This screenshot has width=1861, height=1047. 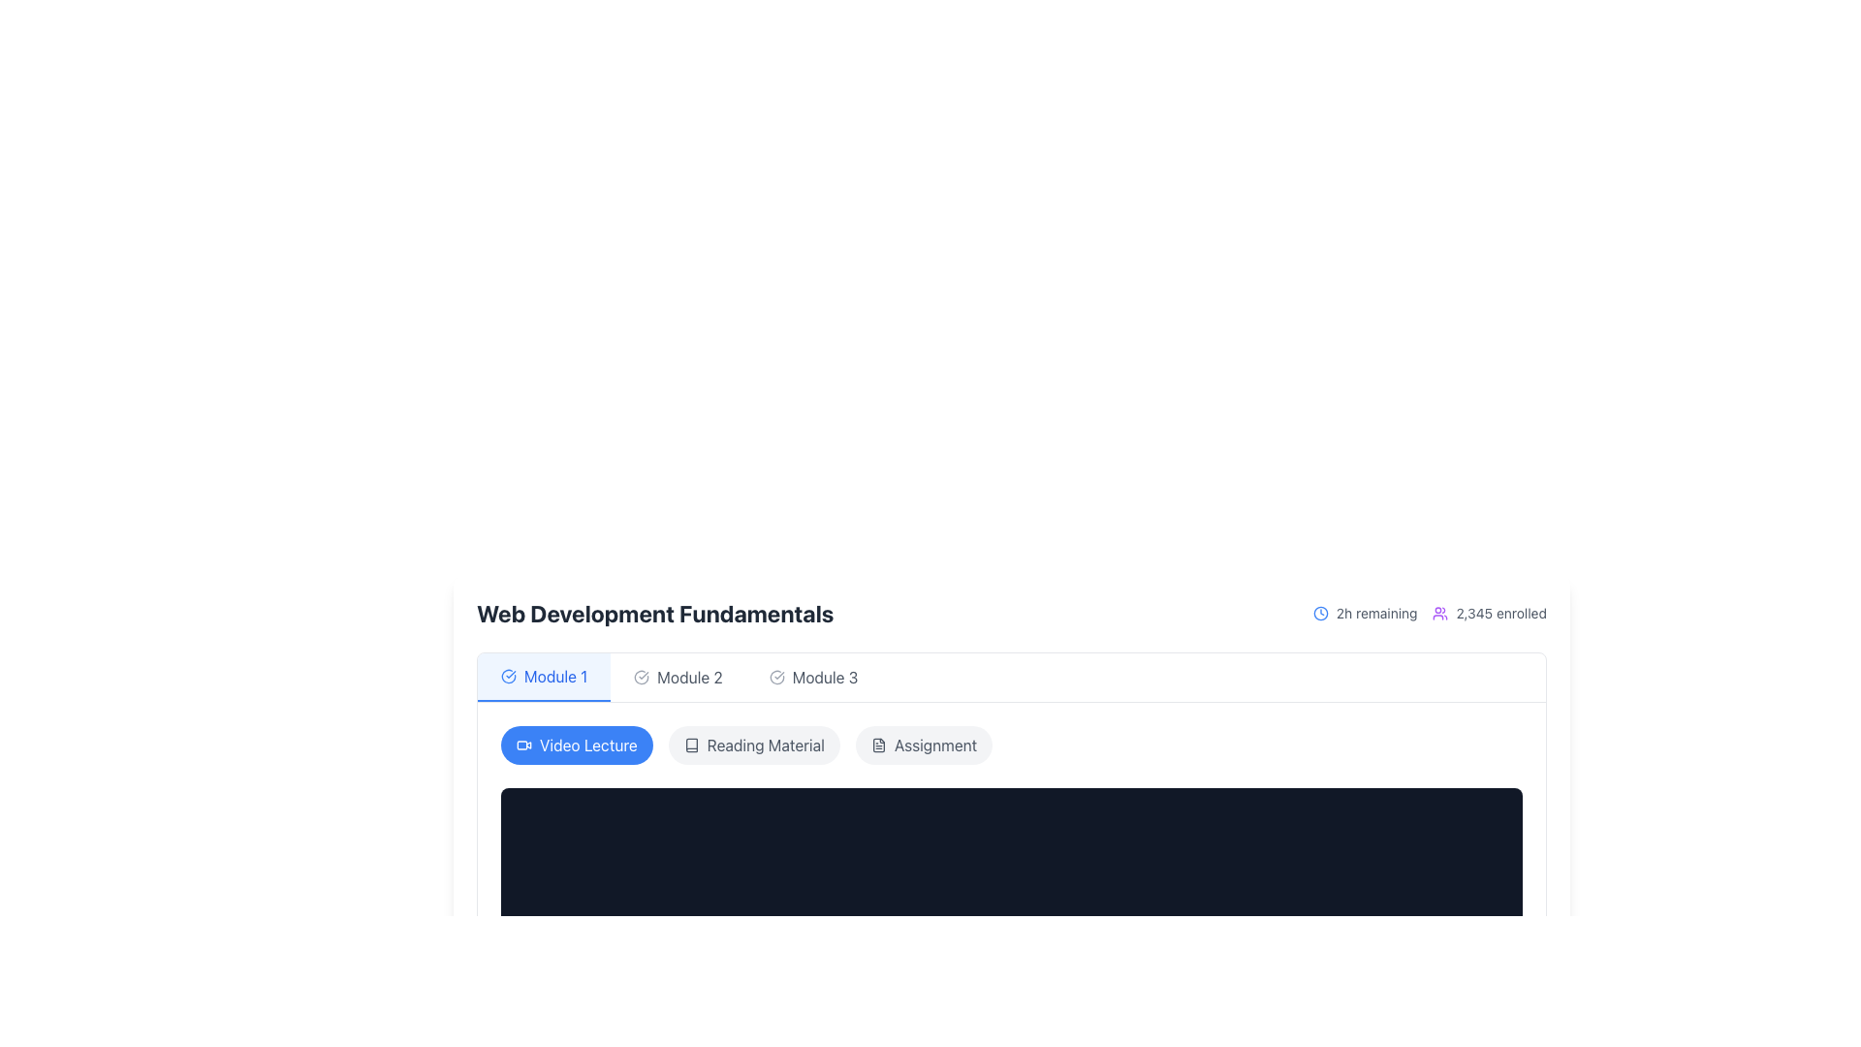 What do you see at coordinates (543, 676) in the screenshot?
I see `the navigation tab labeled 'Module 1' with a blue background and bold text` at bounding box center [543, 676].